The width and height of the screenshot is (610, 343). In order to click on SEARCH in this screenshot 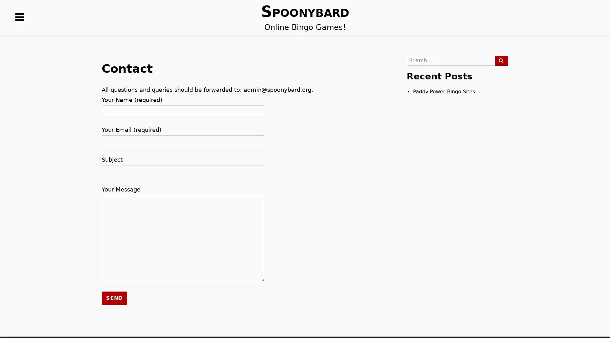, I will do `click(501, 61)`.